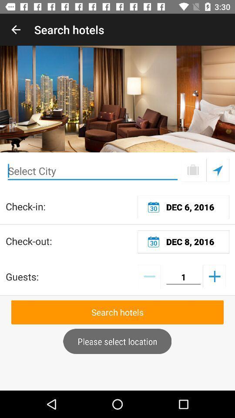 This screenshot has height=418, width=235. What do you see at coordinates (149, 276) in the screenshot?
I see `subtract guests` at bounding box center [149, 276].